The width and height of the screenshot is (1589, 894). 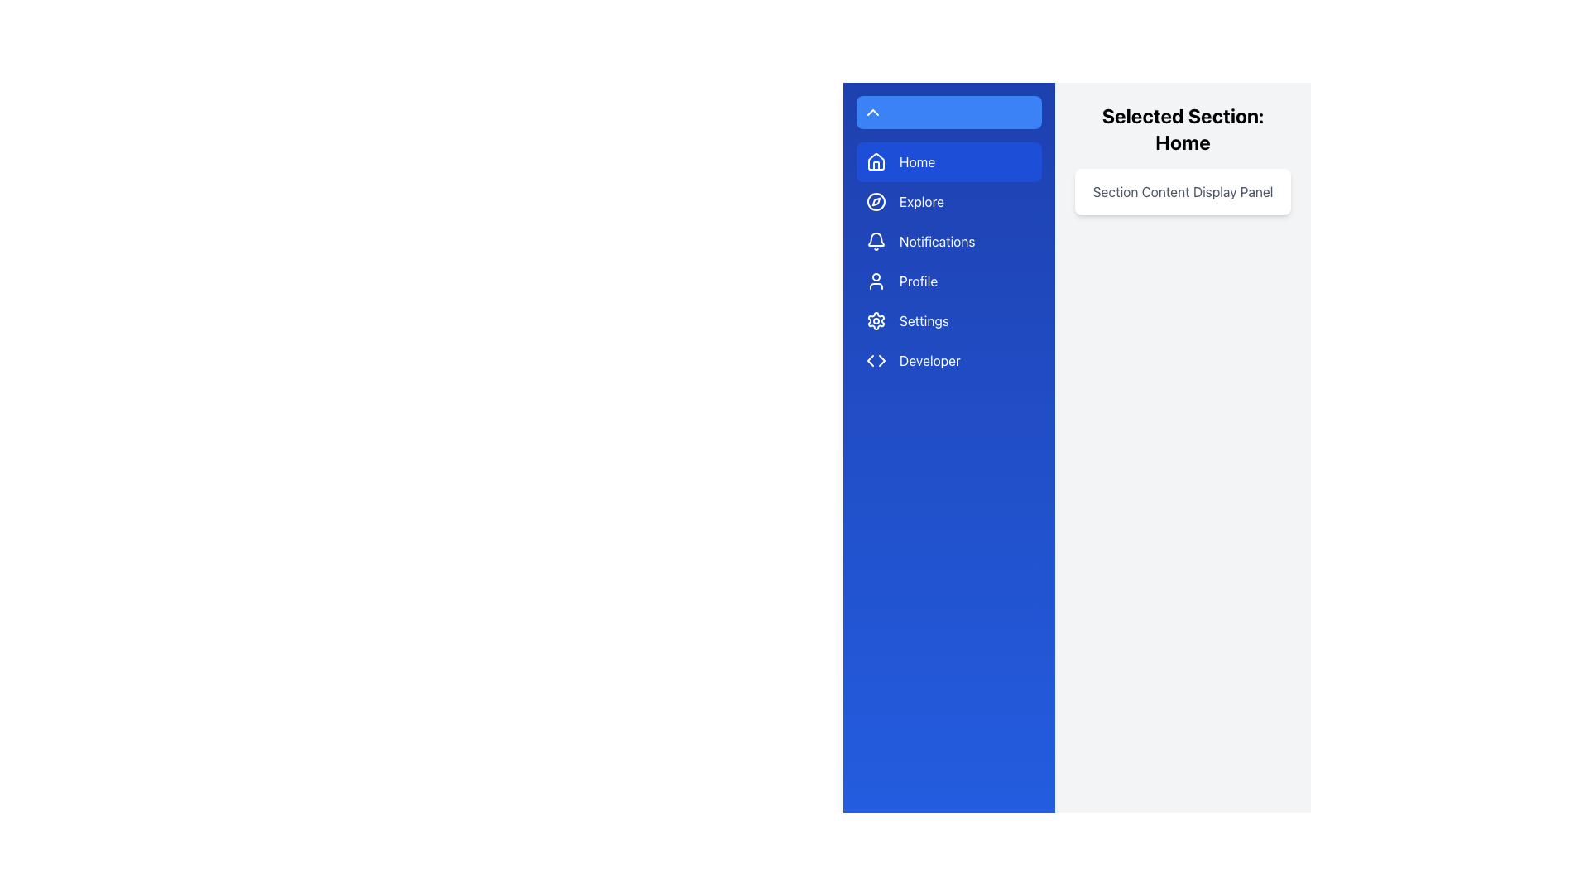 What do you see at coordinates (876, 161) in the screenshot?
I see `the house-shaped icon in the navigation menu, which is highlighted in blue and adjacent to the 'Home' label` at bounding box center [876, 161].